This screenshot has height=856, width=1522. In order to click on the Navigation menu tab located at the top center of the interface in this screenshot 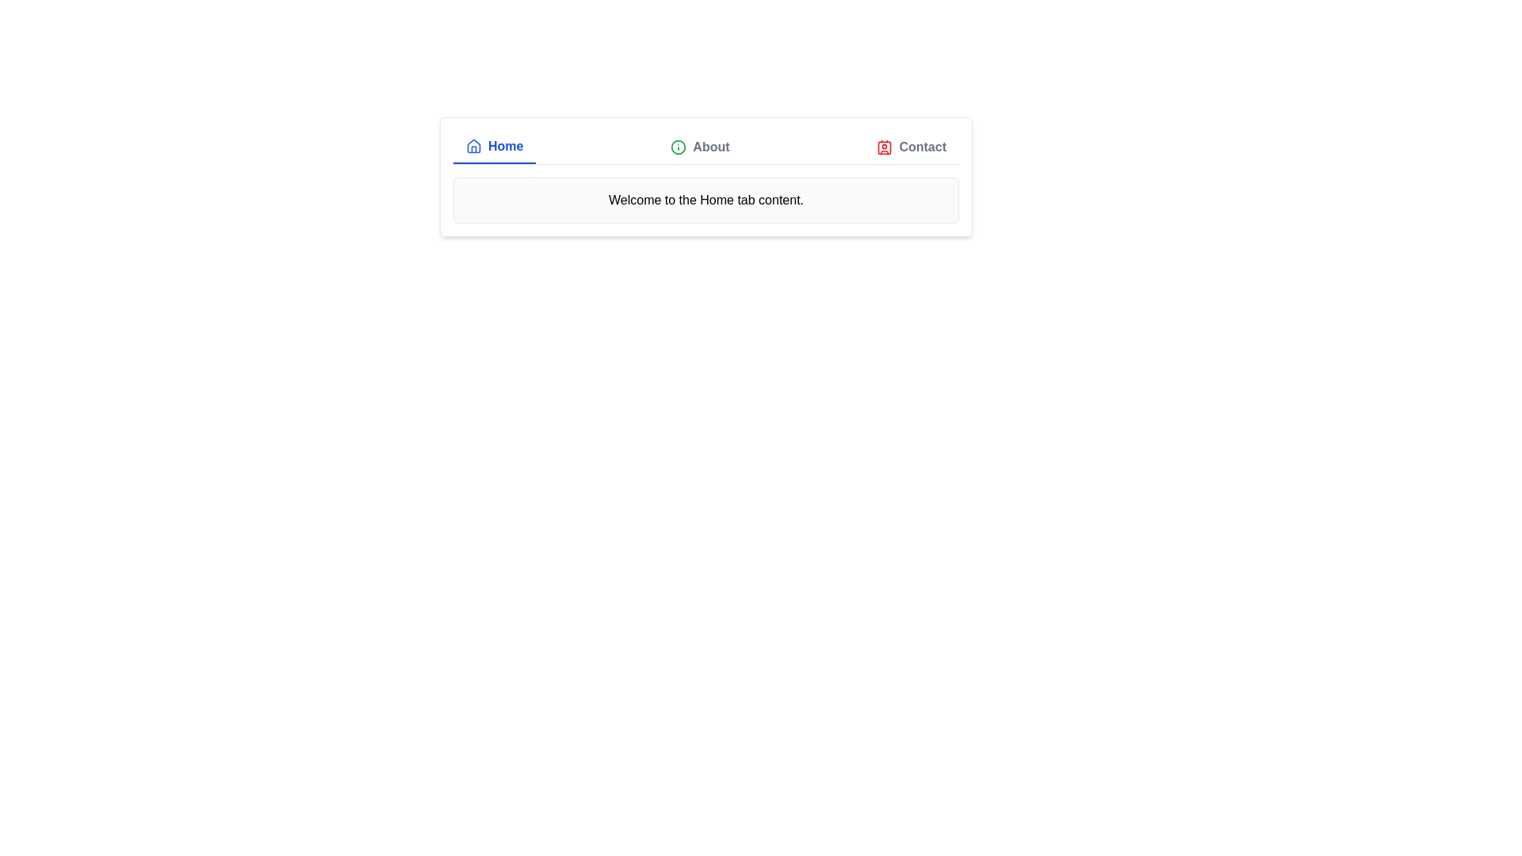, I will do `click(706, 147)`.